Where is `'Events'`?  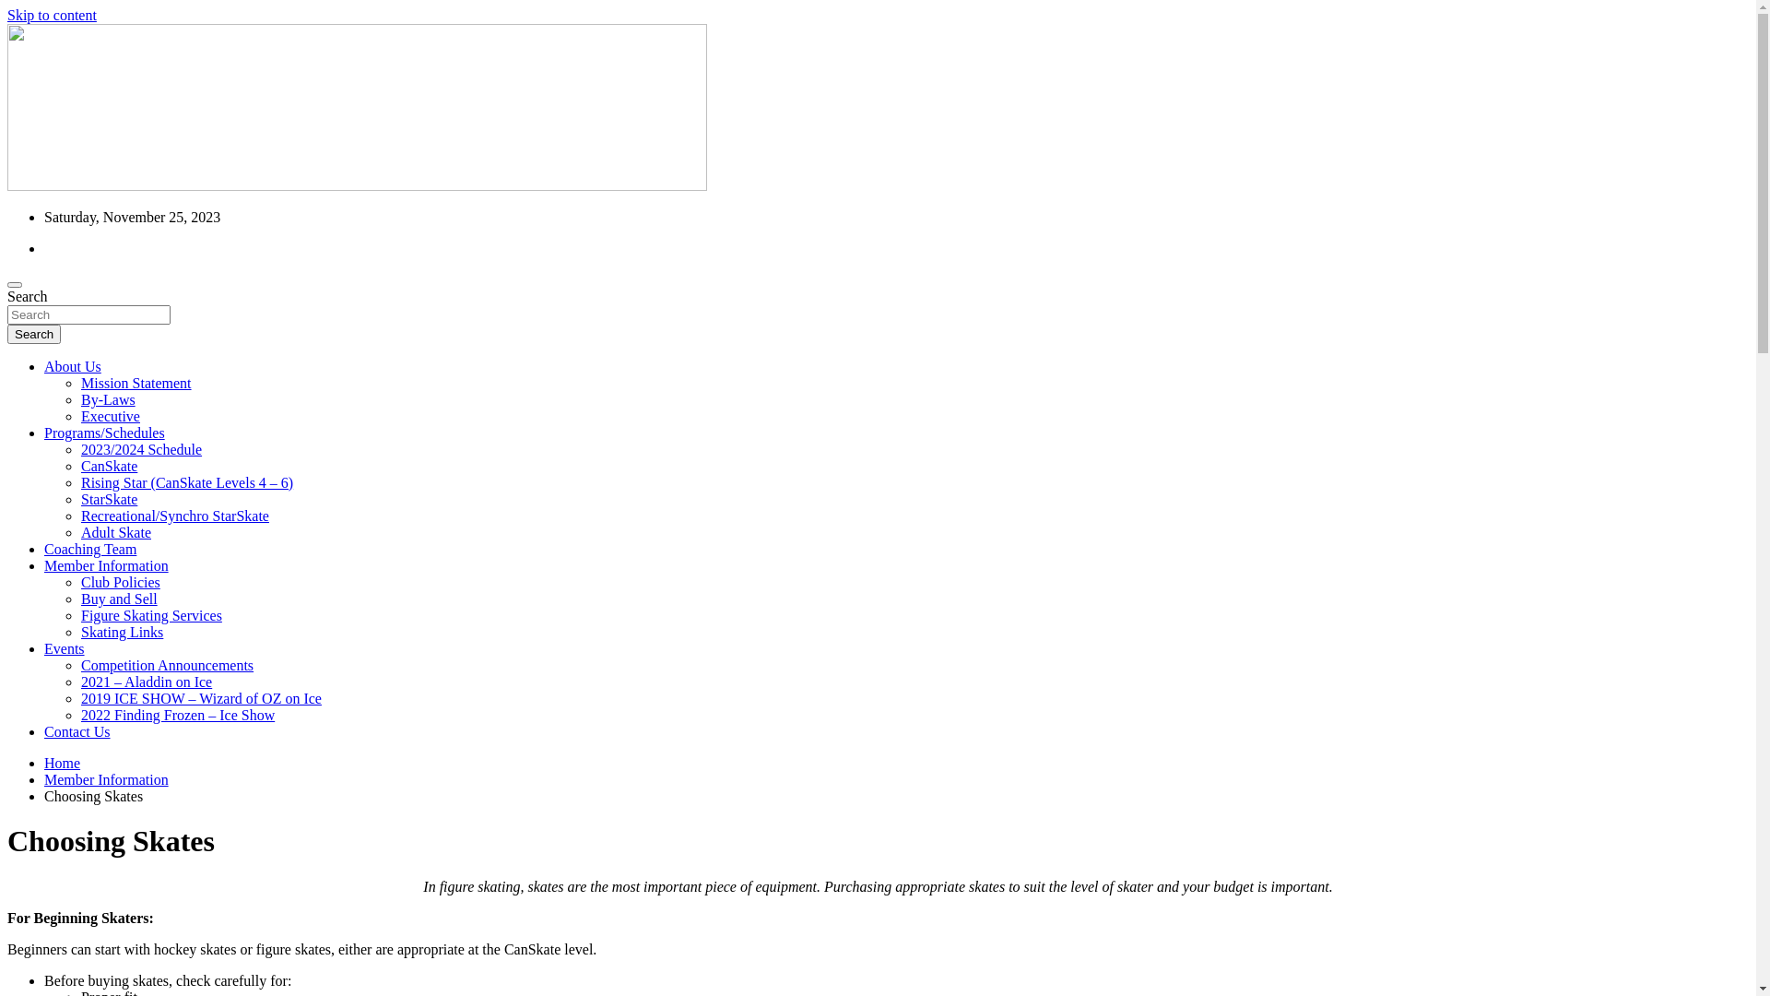 'Events' is located at coordinates (65, 647).